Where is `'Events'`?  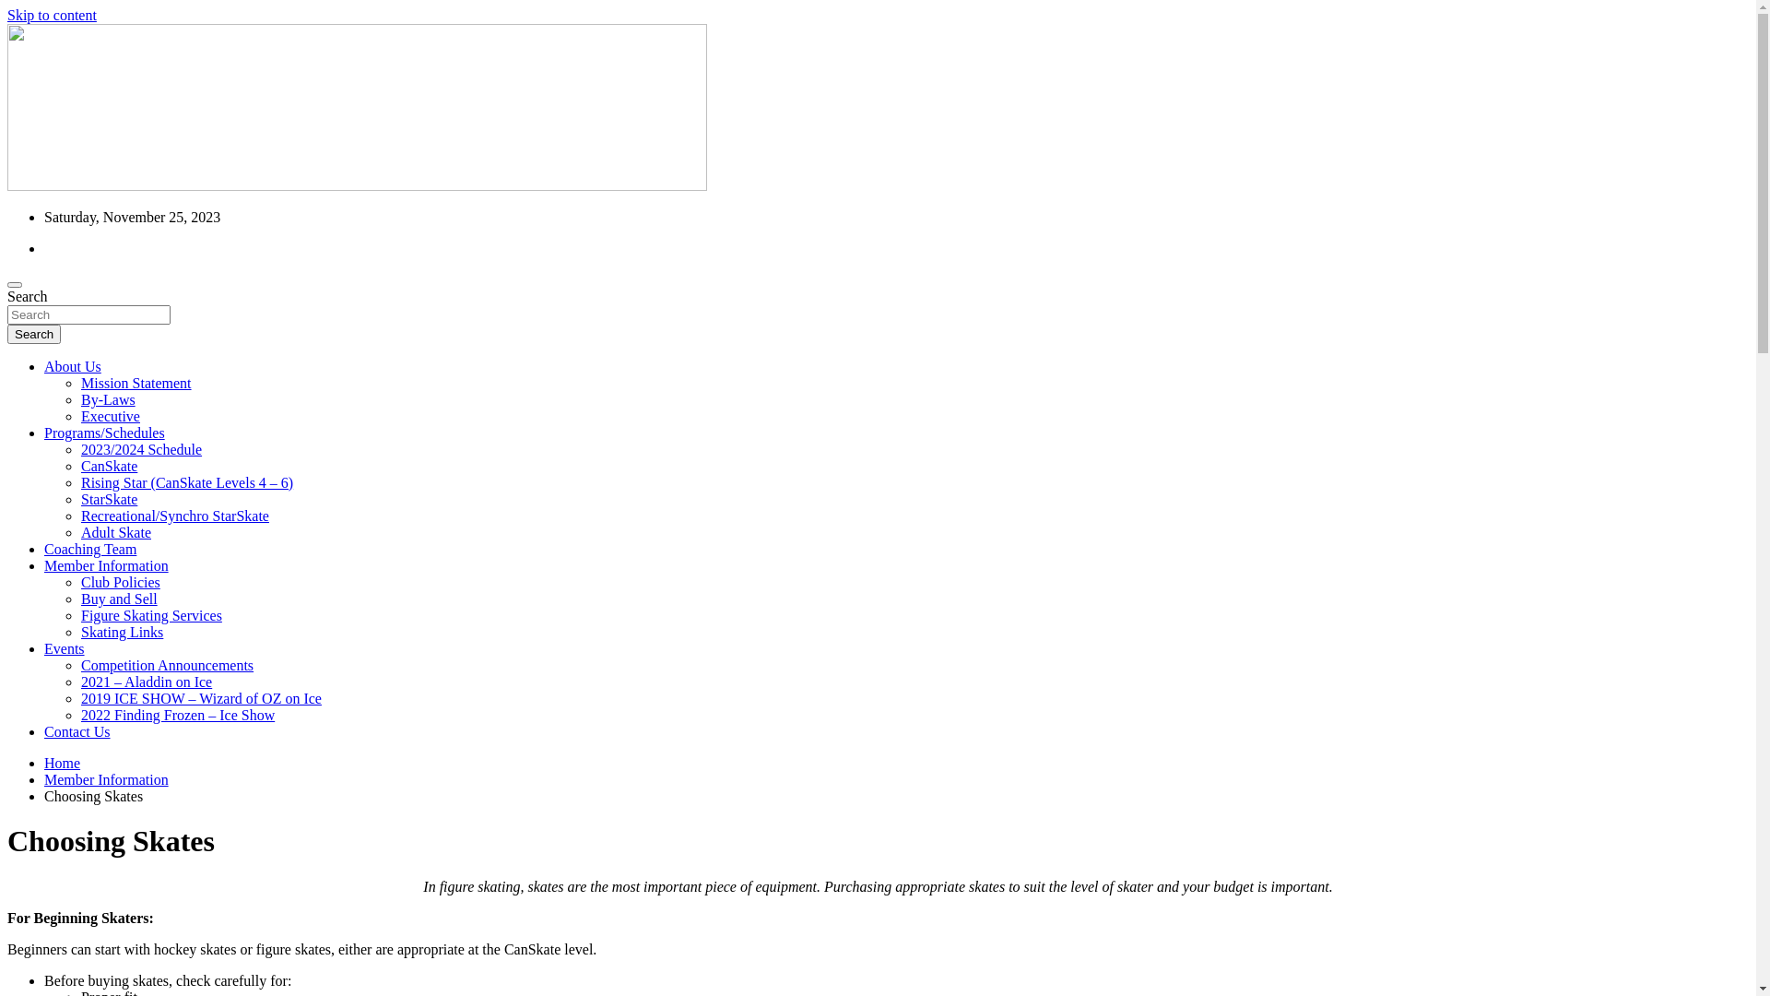 'Events' is located at coordinates (65, 647).